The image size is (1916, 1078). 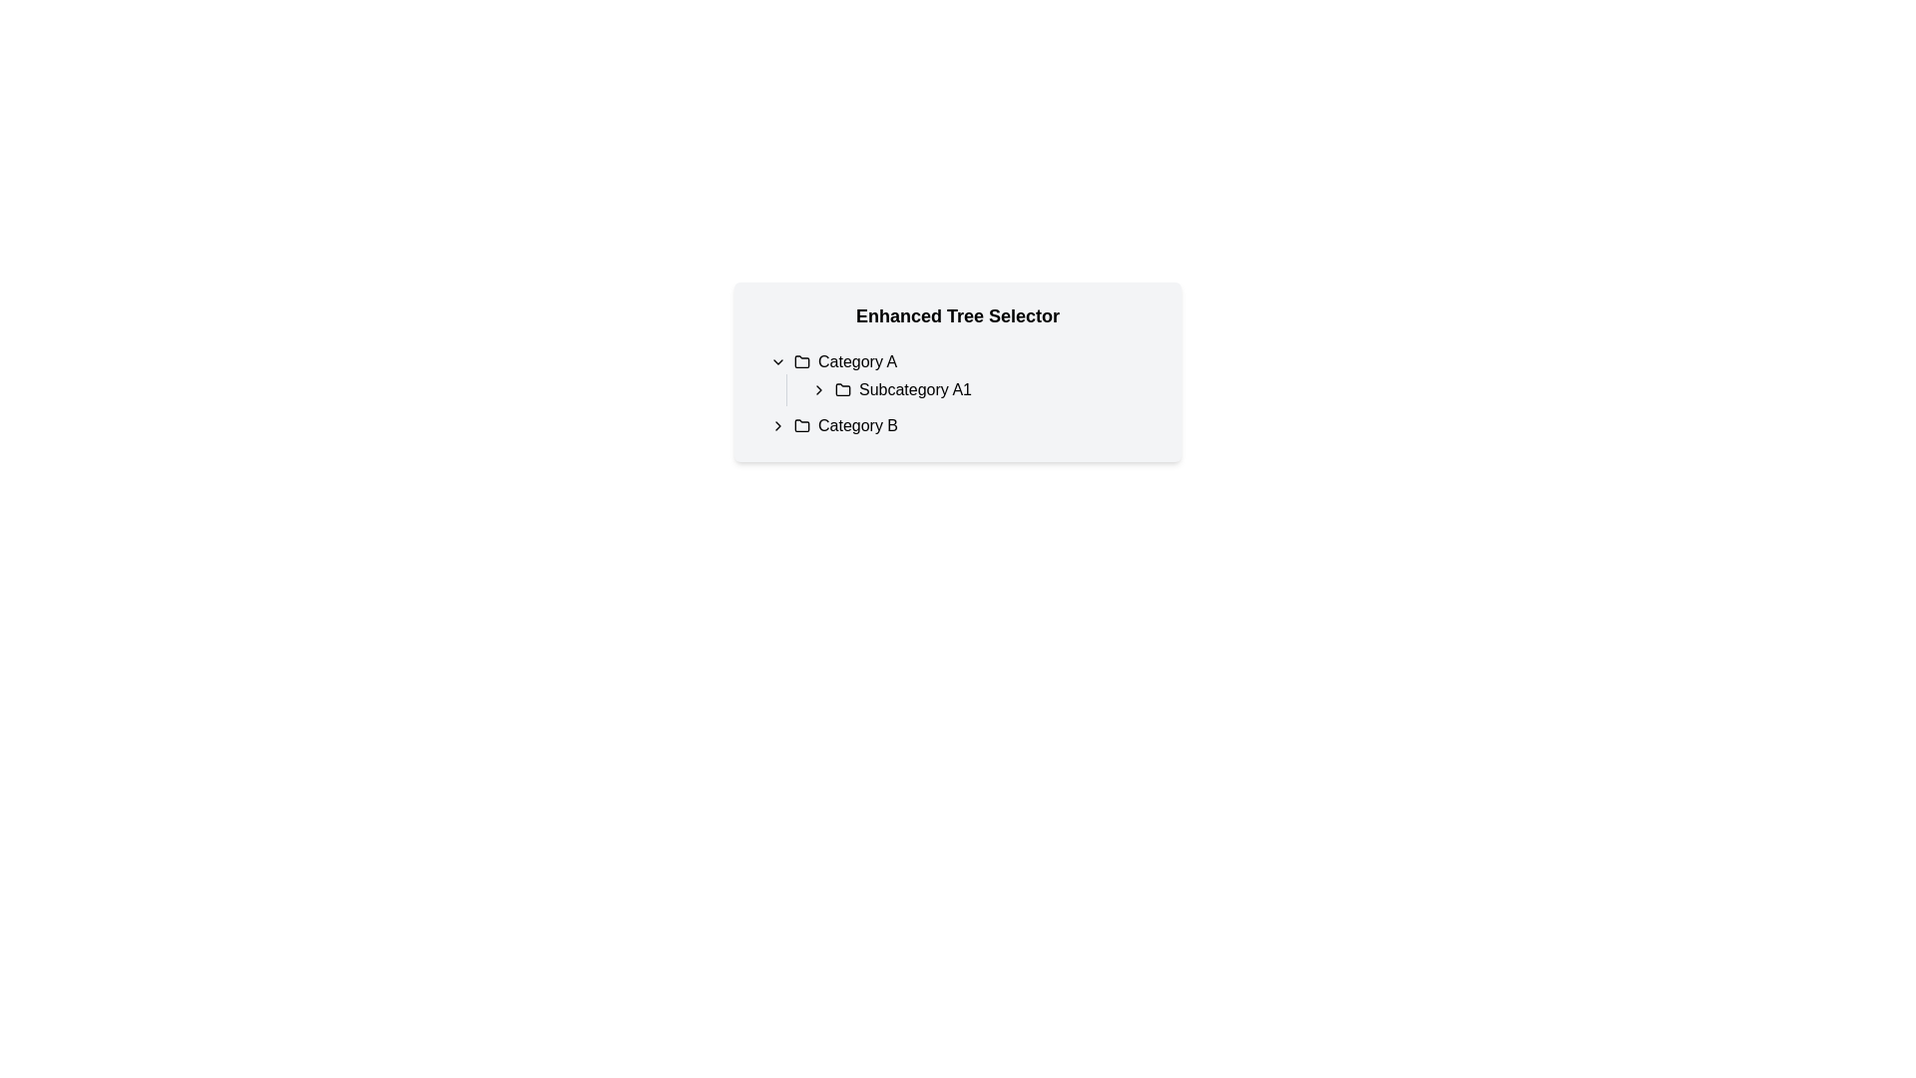 I want to click on the navigation arrow icon located to the left of the 'Category B' label, so click(x=776, y=425).